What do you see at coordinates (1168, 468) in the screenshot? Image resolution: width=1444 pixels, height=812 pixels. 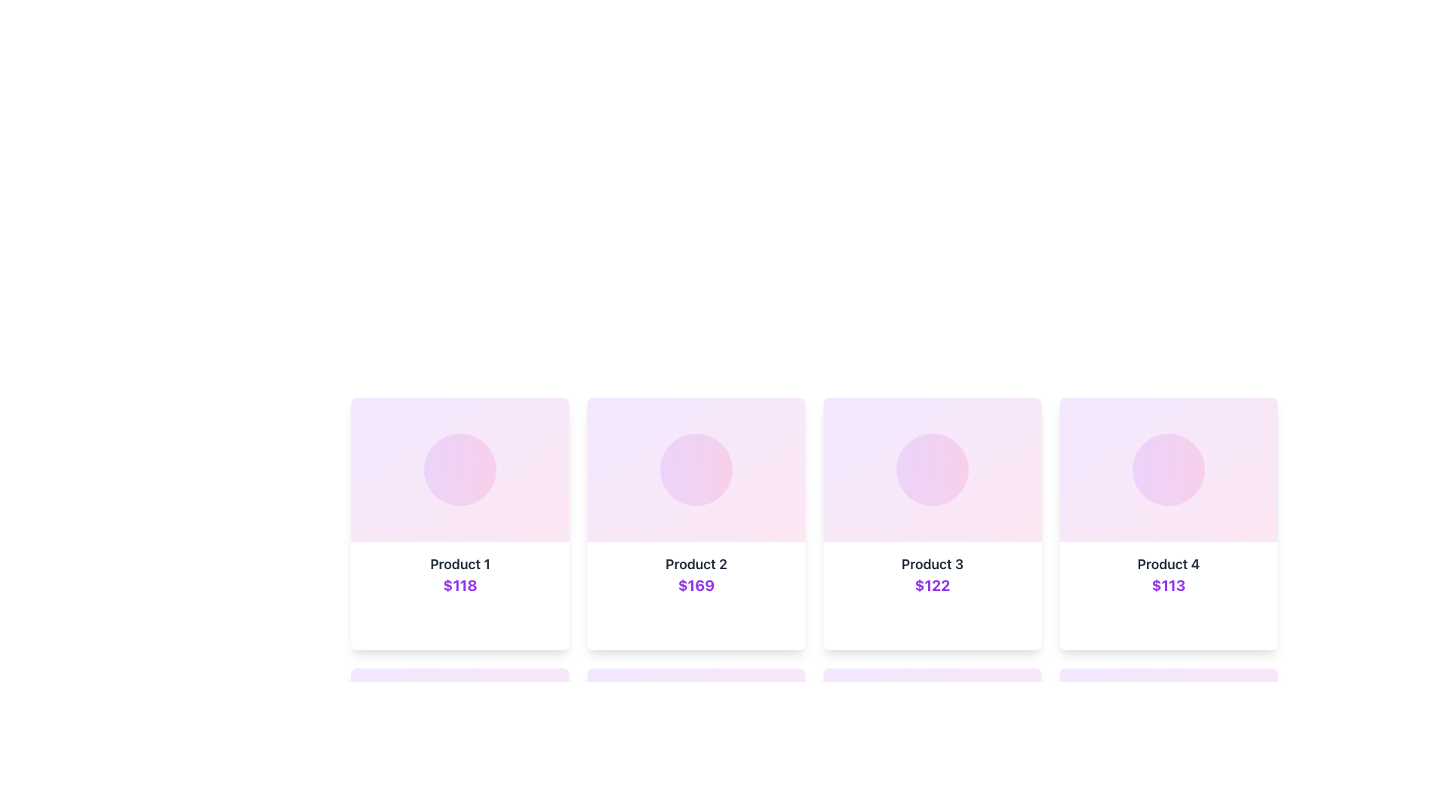 I see `the decorative circular gradient design element located in the 'Product 4' card, which enhances the visual appeal but does not have interactive functionality` at bounding box center [1168, 468].